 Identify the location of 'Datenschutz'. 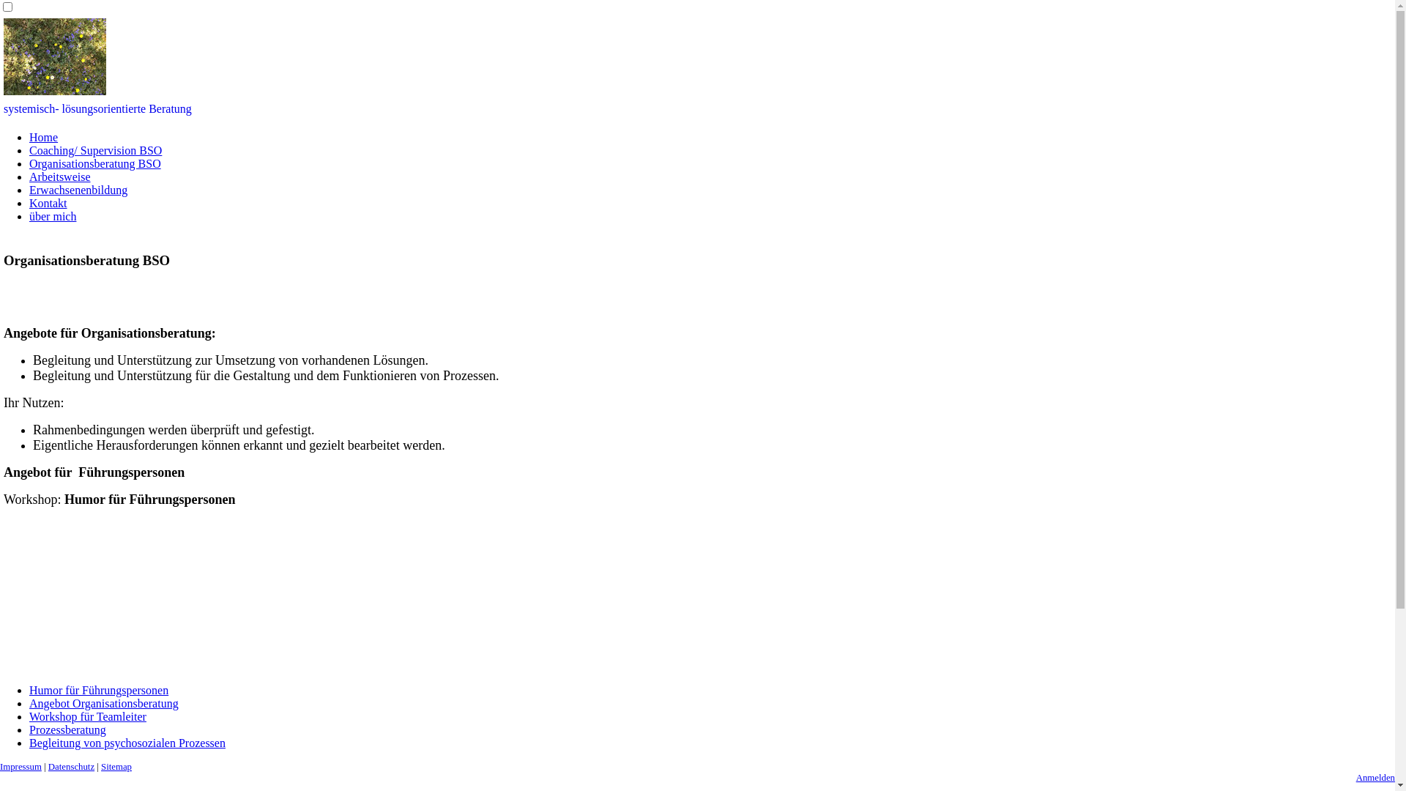
(70, 765).